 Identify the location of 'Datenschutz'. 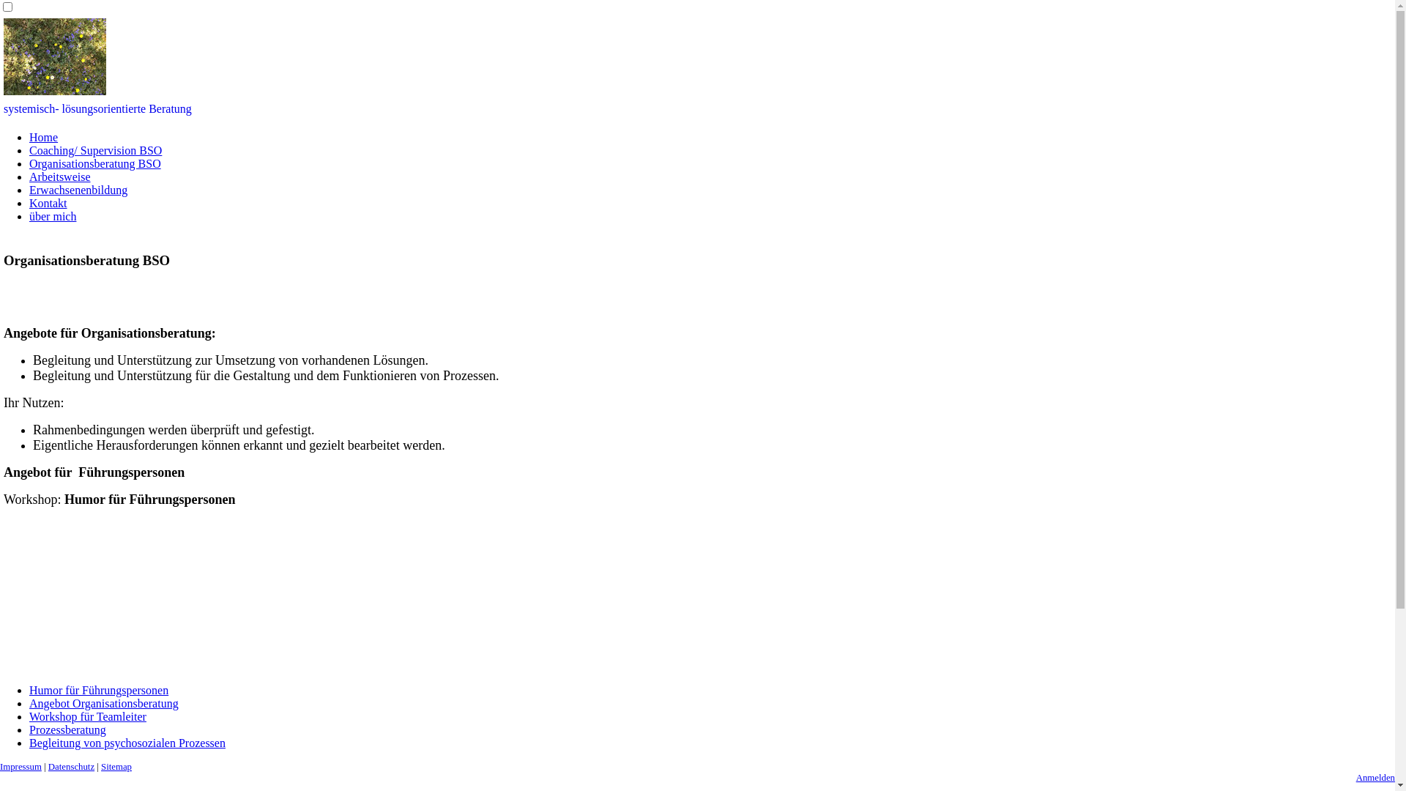
(70, 765).